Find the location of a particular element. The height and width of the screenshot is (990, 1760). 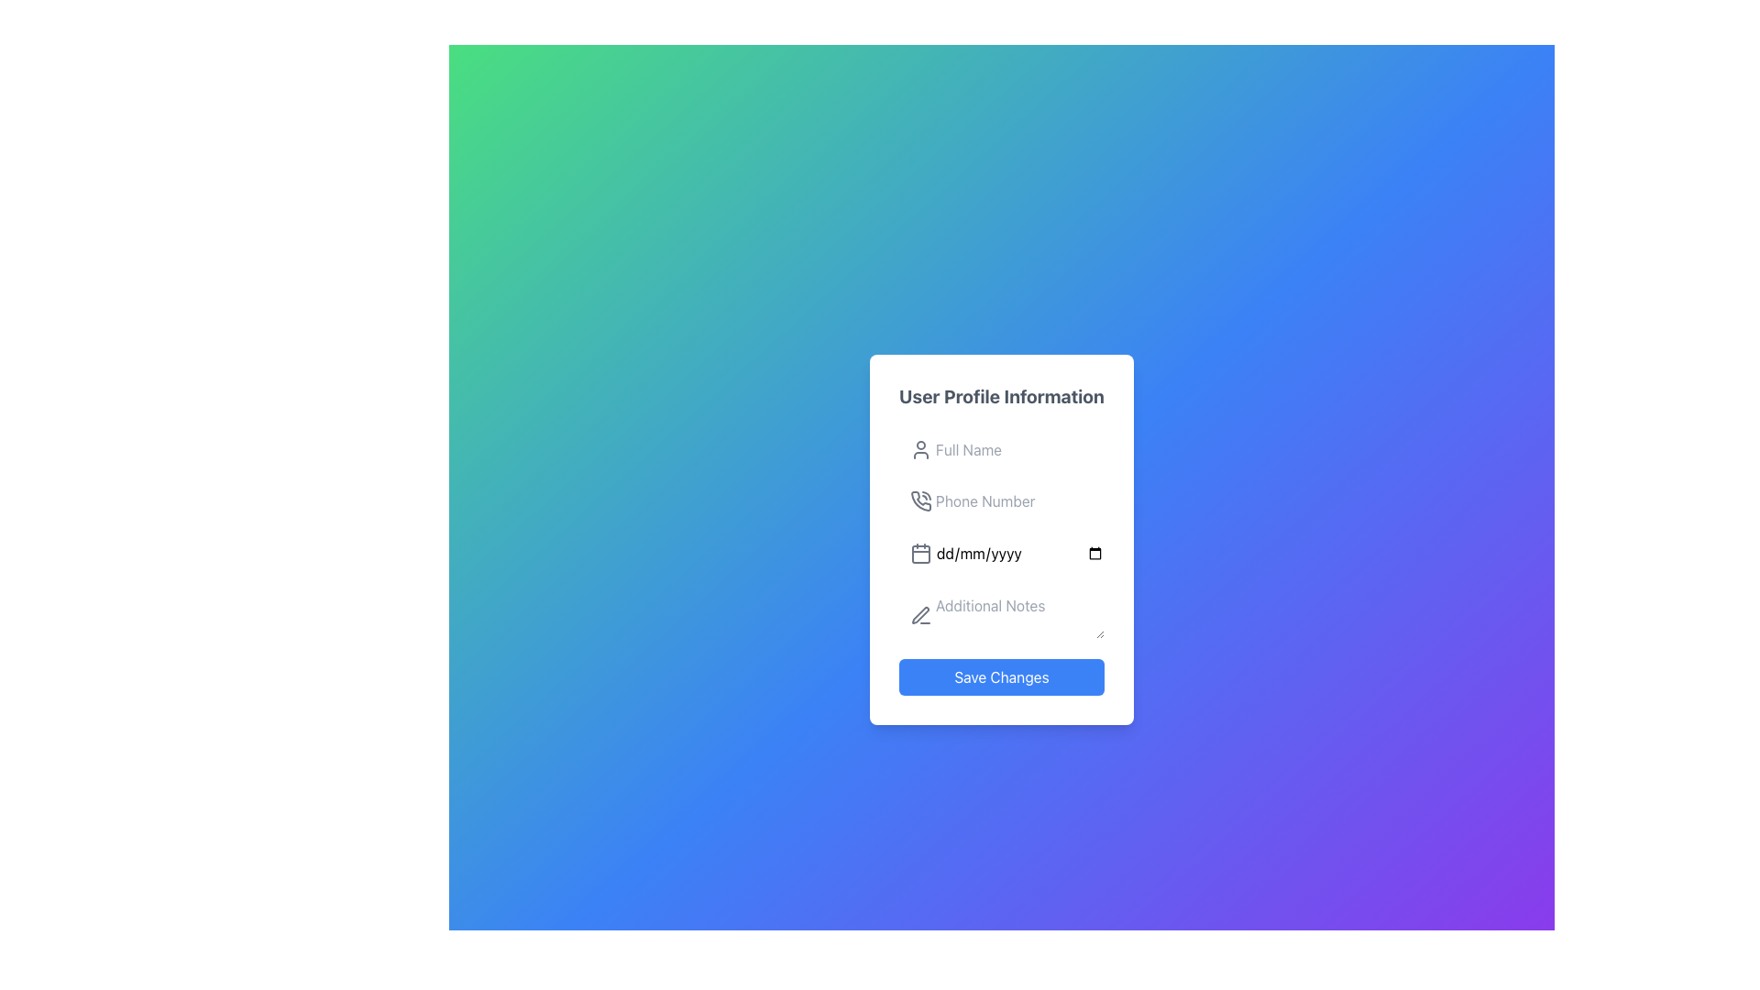

the decorative icon that signifies editing or writing capabilities related to the 'Additional Notes' field, located to the left of the 'Additional Notes' field label is located at coordinates (920, 615).